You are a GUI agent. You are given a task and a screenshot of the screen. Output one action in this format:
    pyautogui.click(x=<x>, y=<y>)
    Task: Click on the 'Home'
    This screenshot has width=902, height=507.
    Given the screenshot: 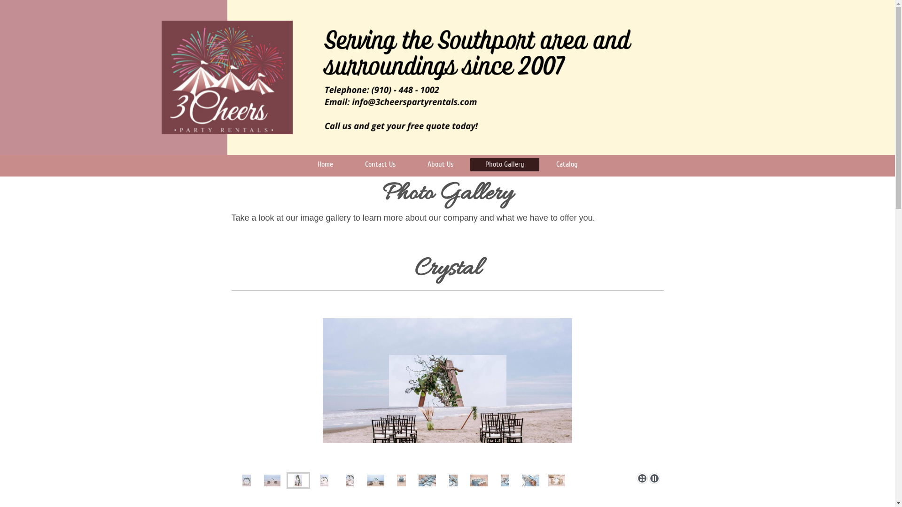 What is the action you would take?
    pyautogui.click(x=325, y=164)
    